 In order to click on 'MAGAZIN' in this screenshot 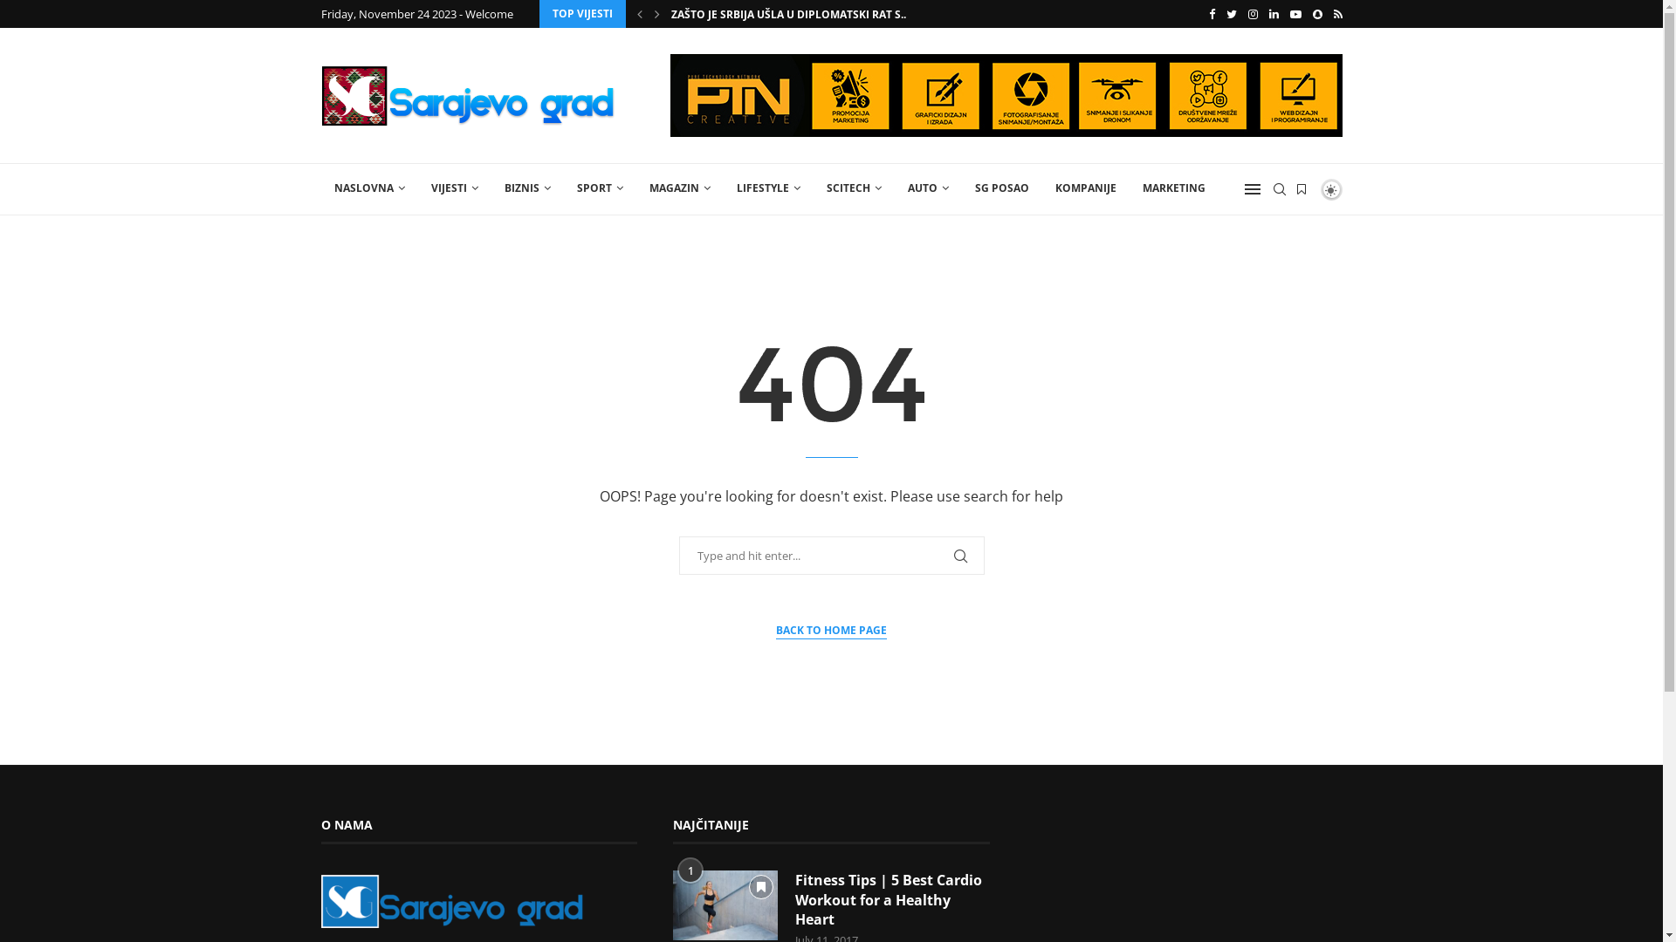, I will do `click(635, 188)`.